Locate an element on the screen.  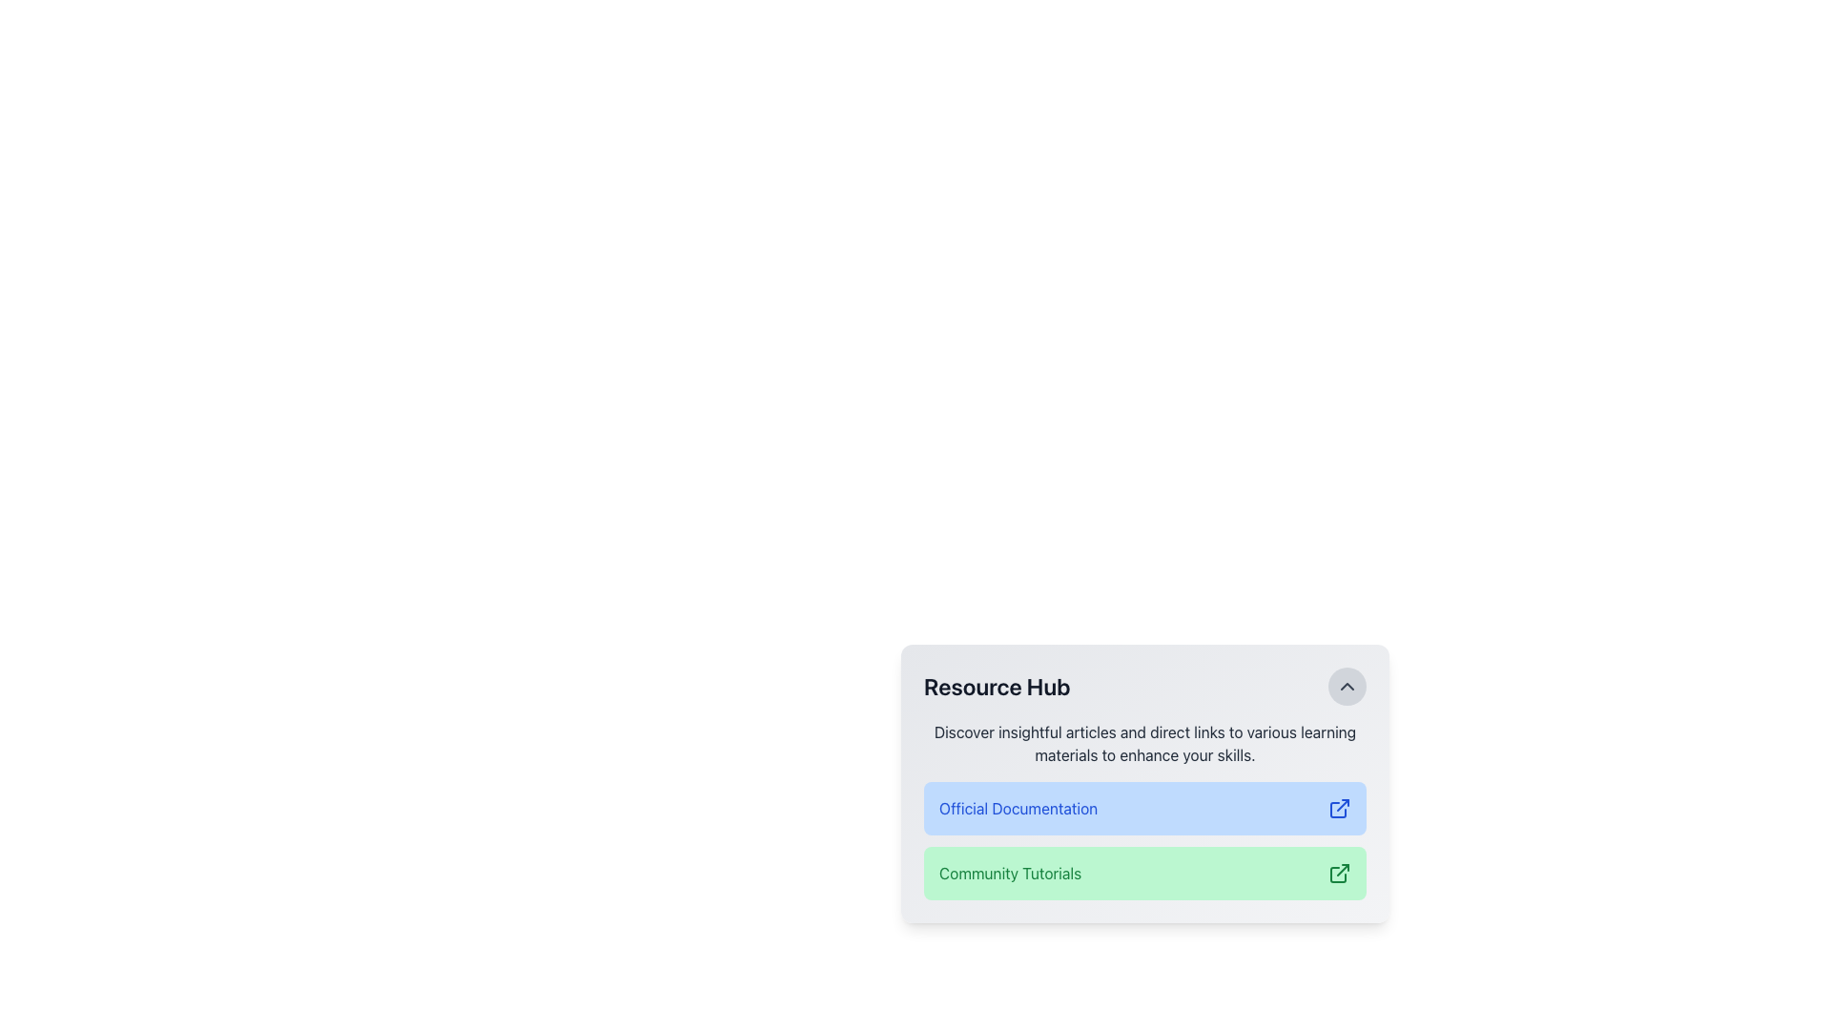
the buttons in the 'Resource Hub' section is located at coordinates (1144, 783).